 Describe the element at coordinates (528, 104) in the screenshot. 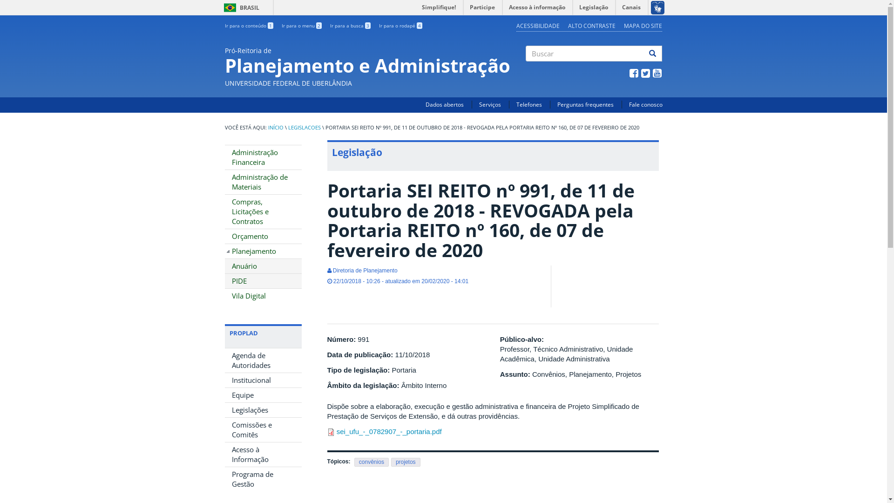

I see `'Telefones'` at that location.